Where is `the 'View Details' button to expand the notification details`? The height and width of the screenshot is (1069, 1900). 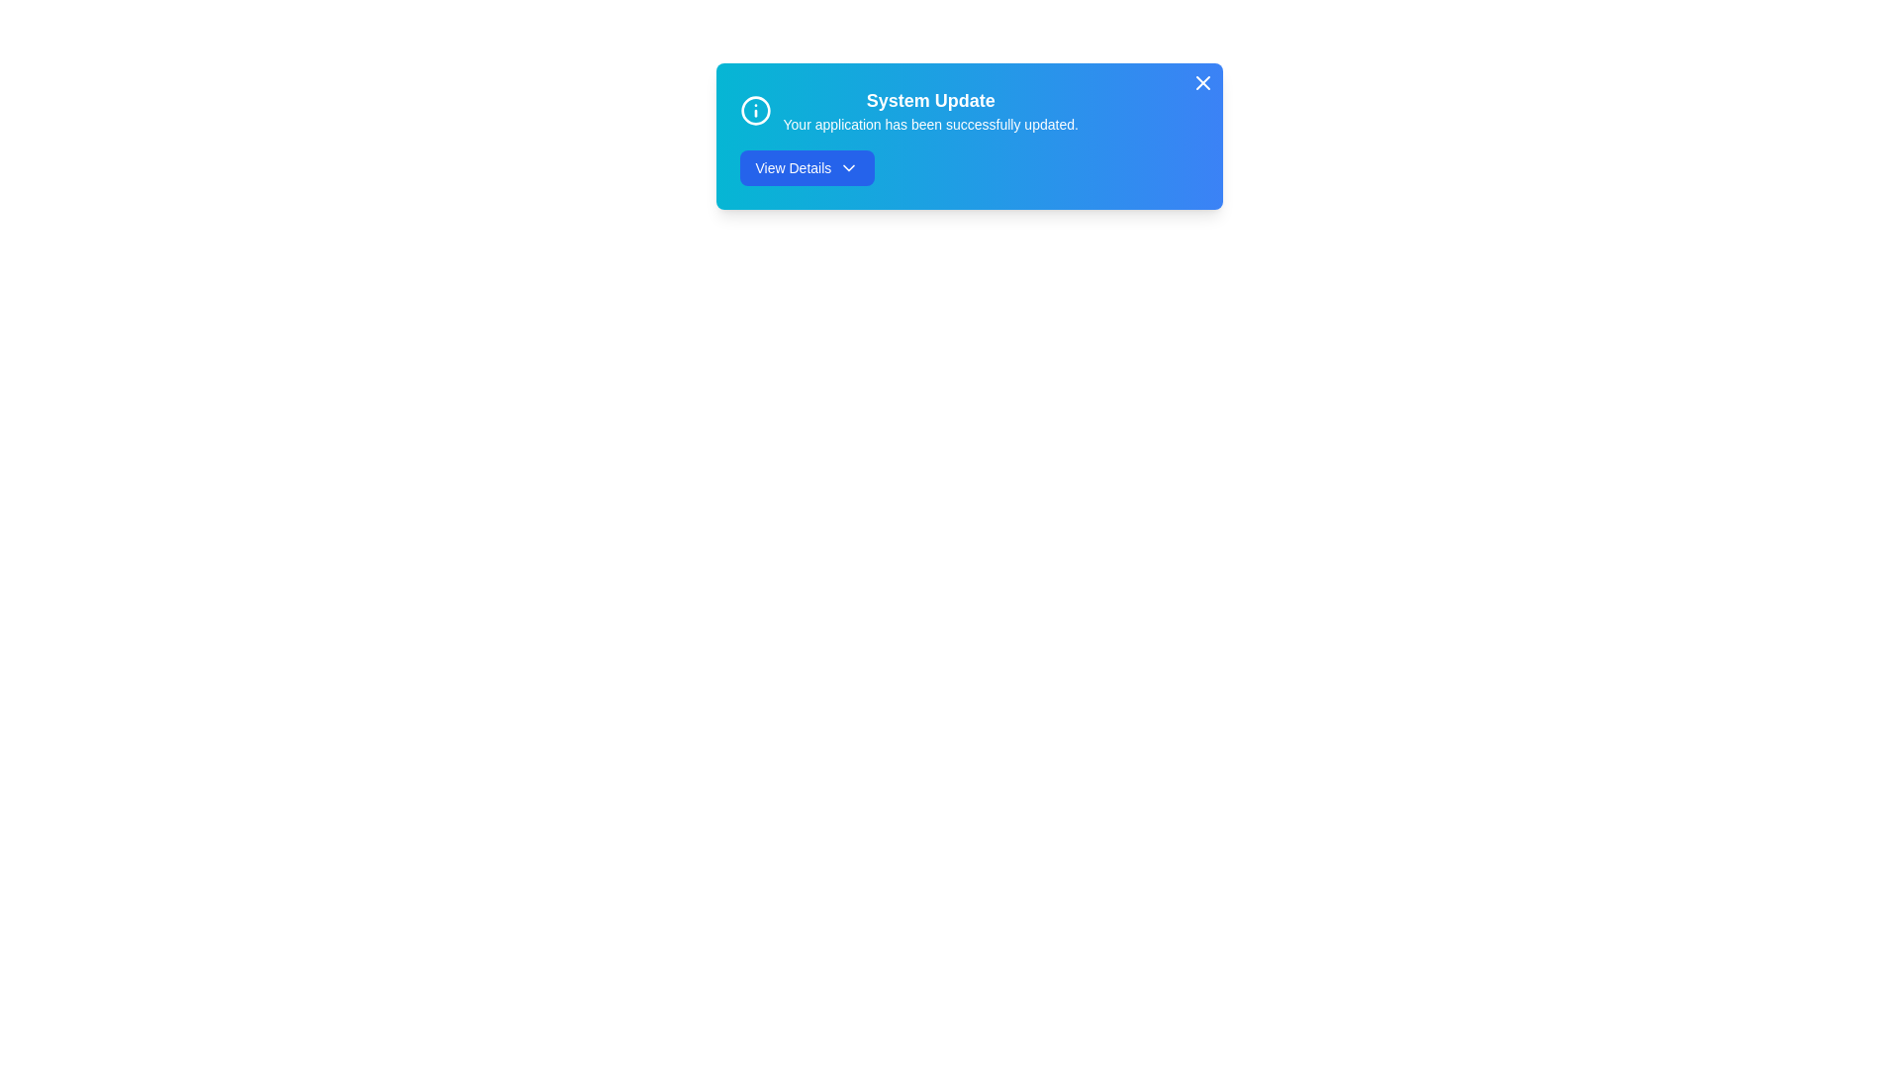 the 'View Details' button to expand the notification details is located at coordinates (807, 166).